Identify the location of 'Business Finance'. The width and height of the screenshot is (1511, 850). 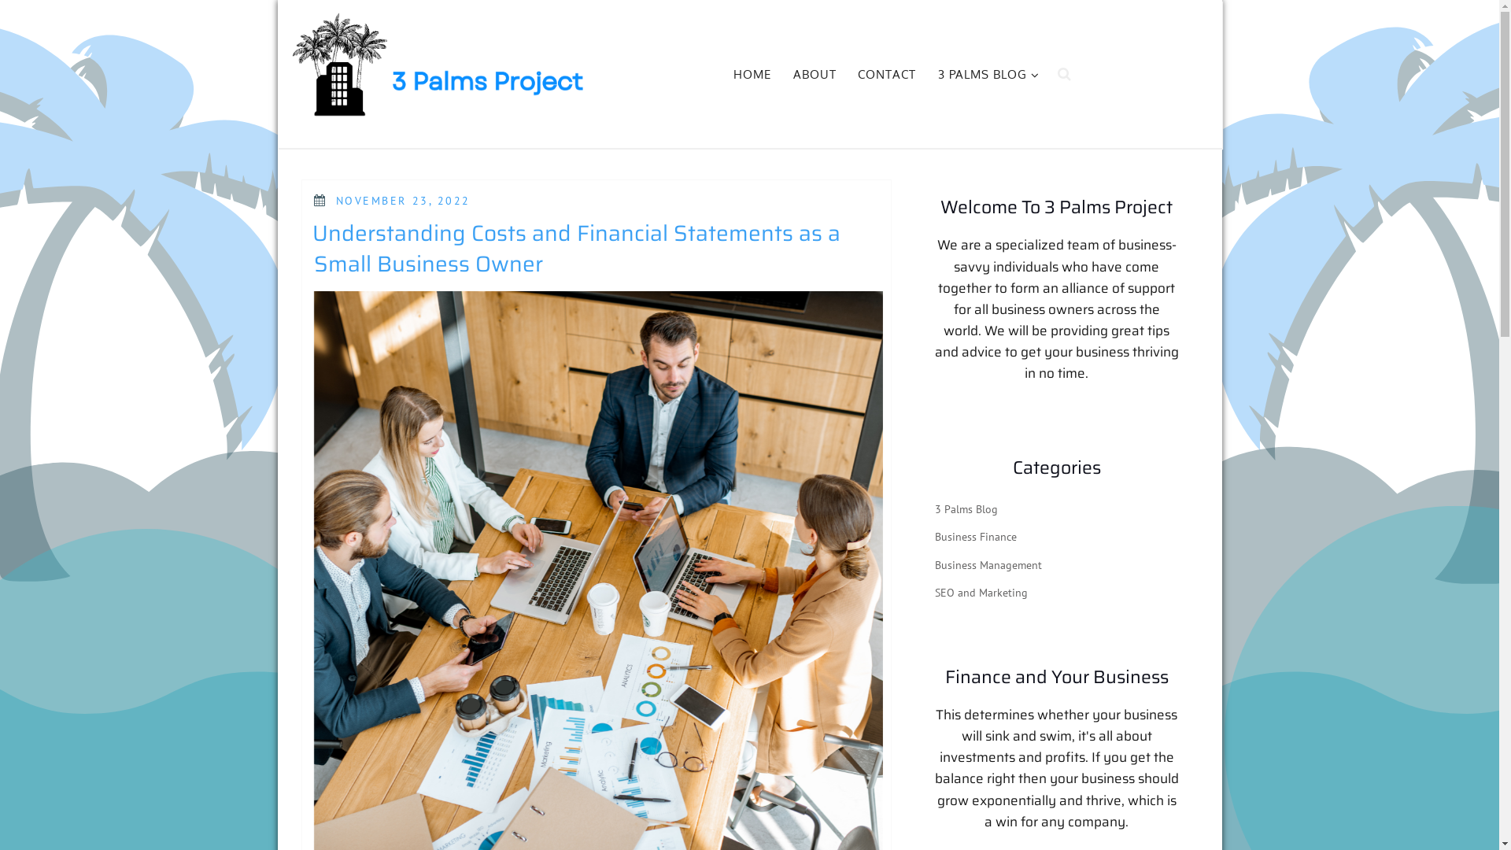
(974, 536).